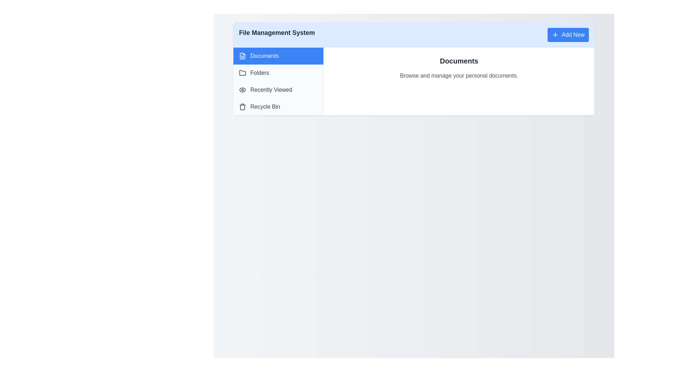 The width and height of the screenshot is (677, 381). Describe the element at coordinates (242, 72) in the screenshot. I see `the folder-shaped icon located on the left-hand panel under the 'Folders' section, immediately to the left of the 'Folders' text` at that location.